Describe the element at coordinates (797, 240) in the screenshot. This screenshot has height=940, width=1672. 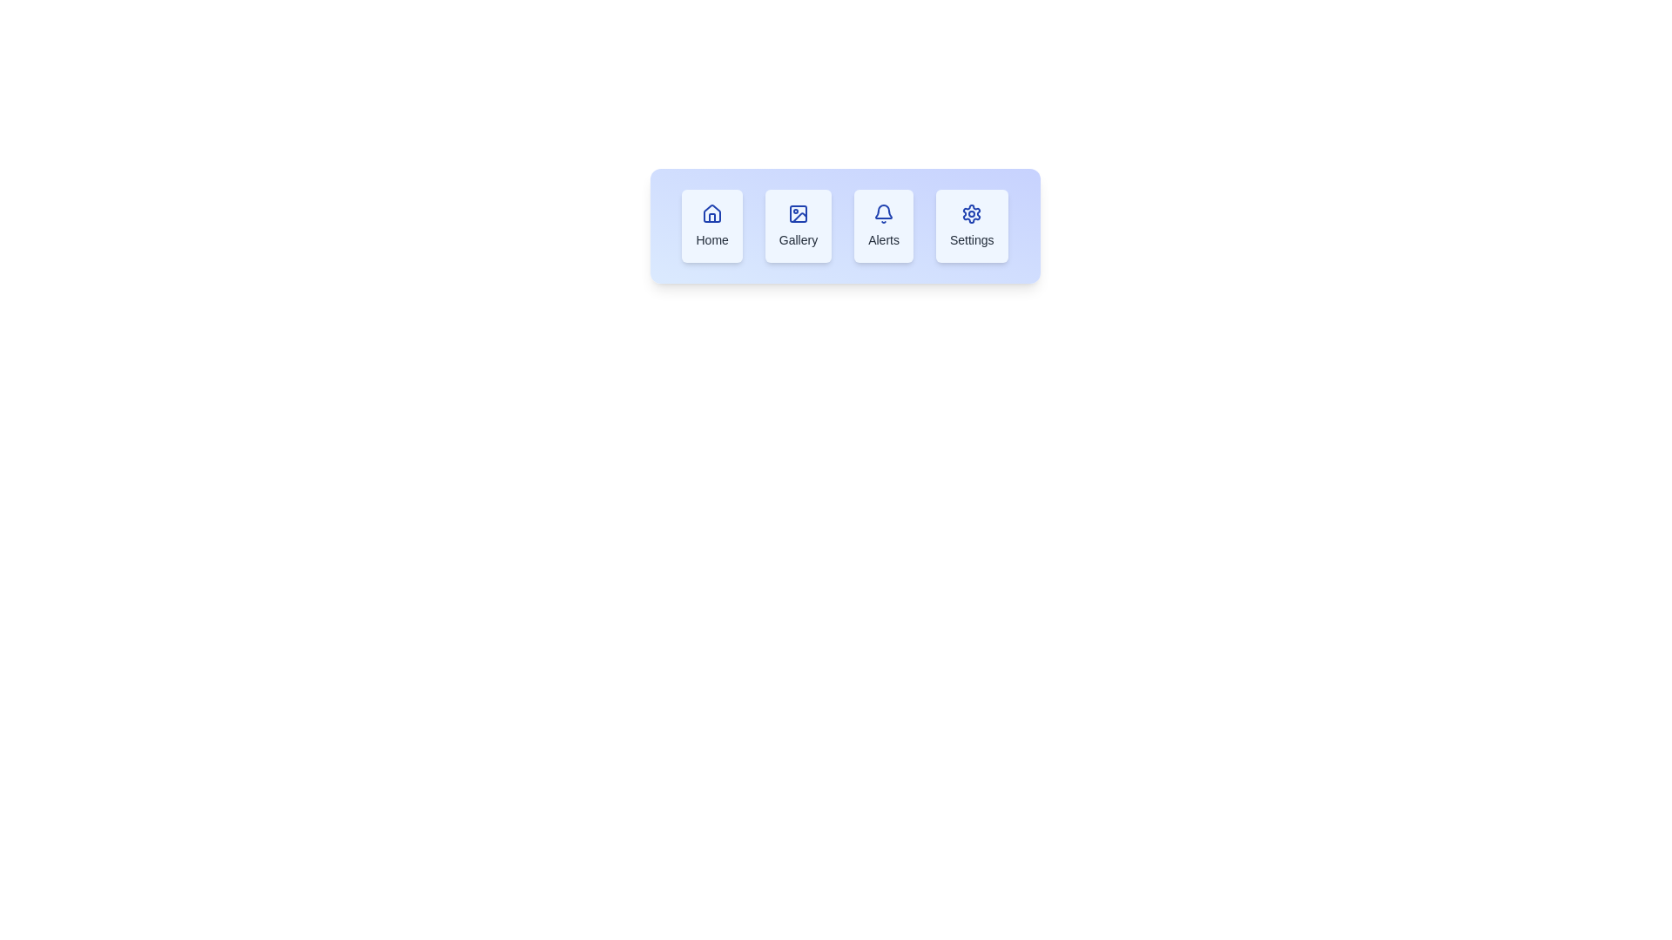
I see `the label that identifies the icon, which is located below the icon in a vertically aligned layout and is part of a row of similar elements including Home, Gallery, Alerts, and Settings` at that location.